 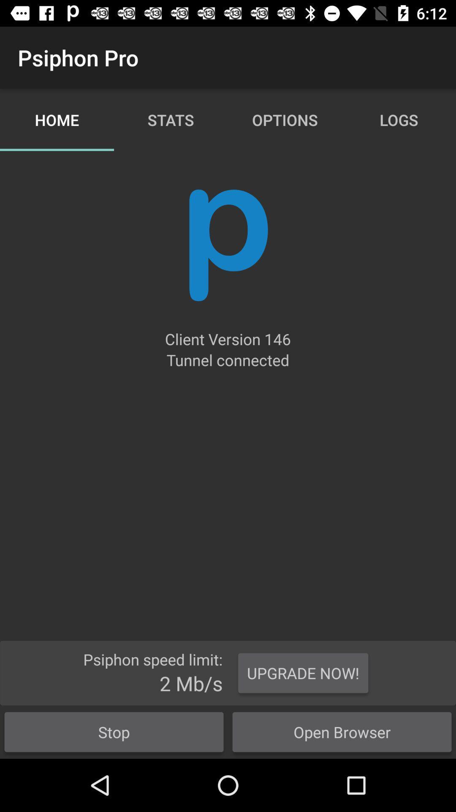 I want to click on the item below tunnel connected app, so click(x=303, y=672).